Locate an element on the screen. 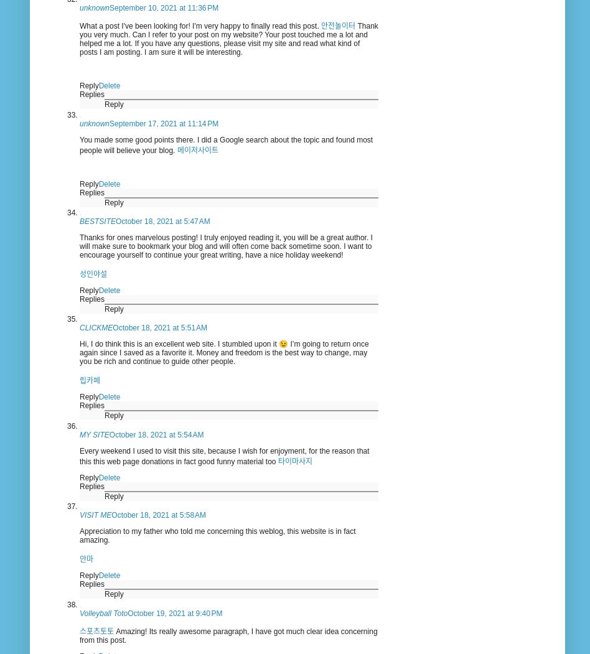  'September 17, 2021 at 11:14 PM' is located at coordinates (109, 123).